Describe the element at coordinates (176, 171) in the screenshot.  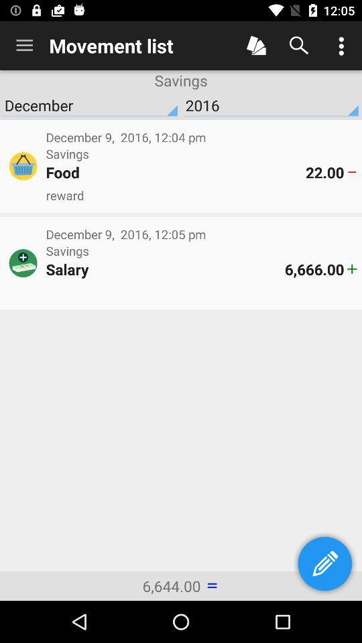
I see `item below the savings icon` at that location.